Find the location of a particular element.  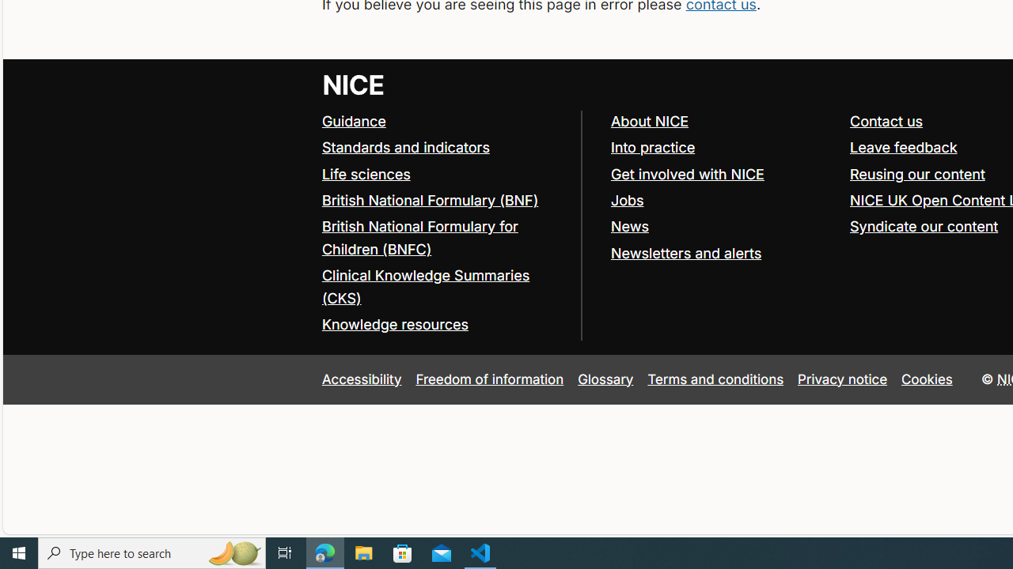

'Get involved with NICE' is located at coordinates (722, 175).